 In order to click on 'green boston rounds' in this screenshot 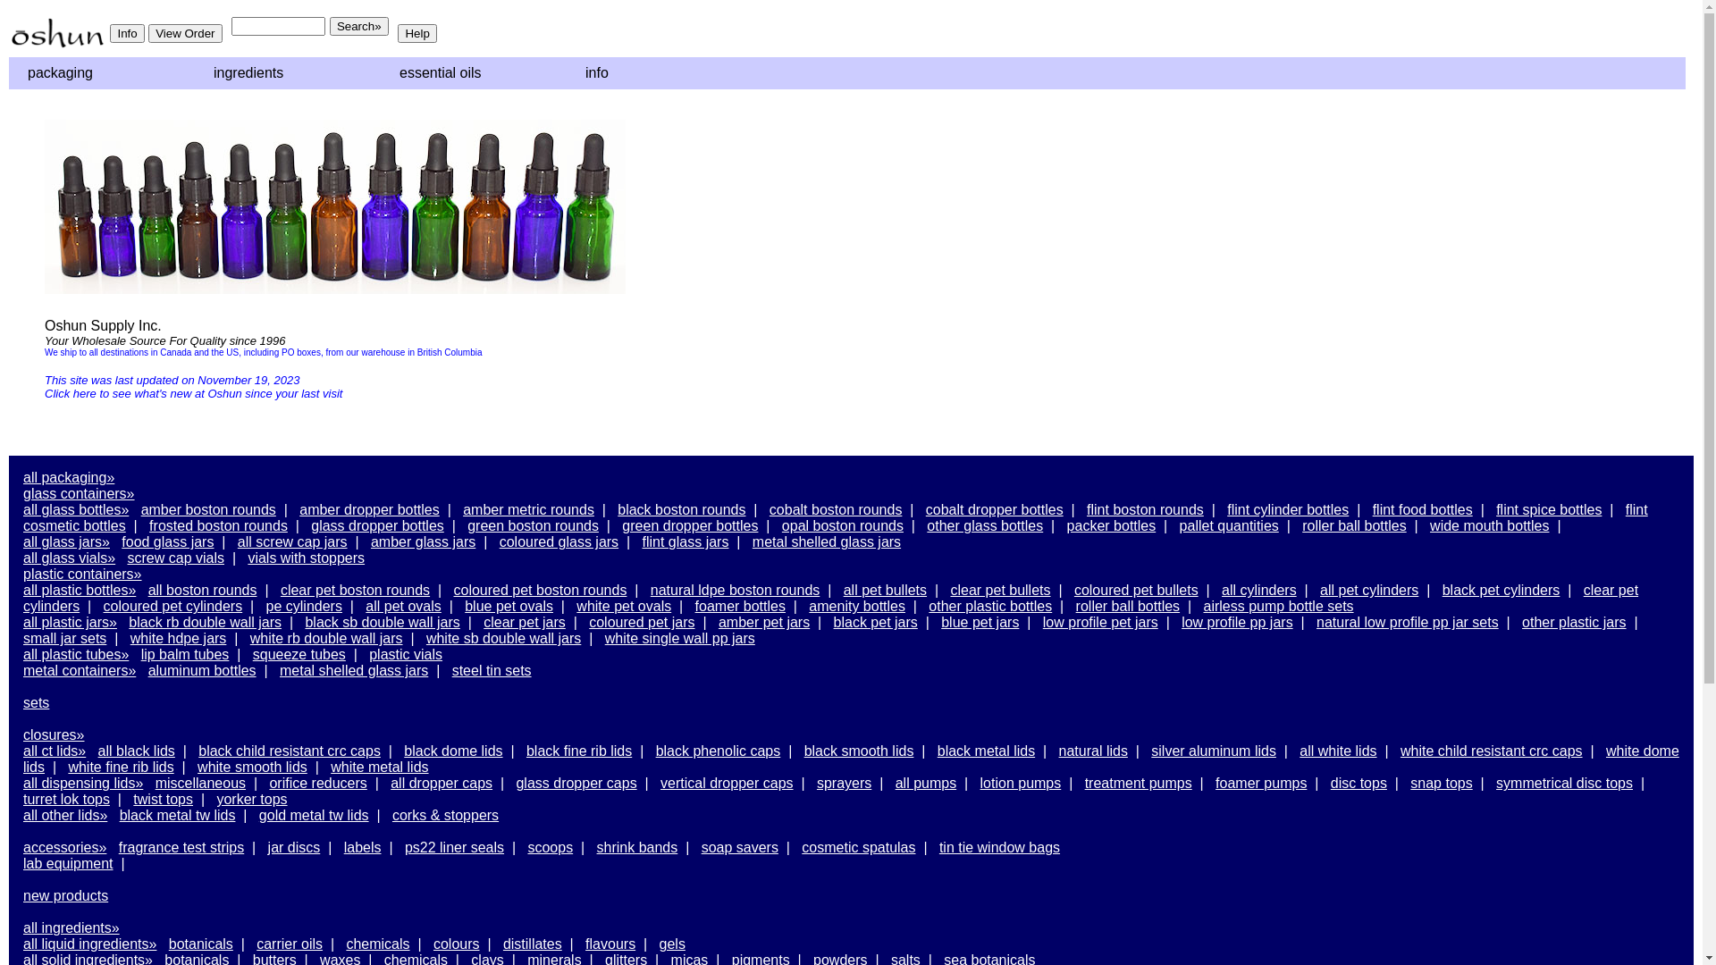, I will do `click(532, 524)`.